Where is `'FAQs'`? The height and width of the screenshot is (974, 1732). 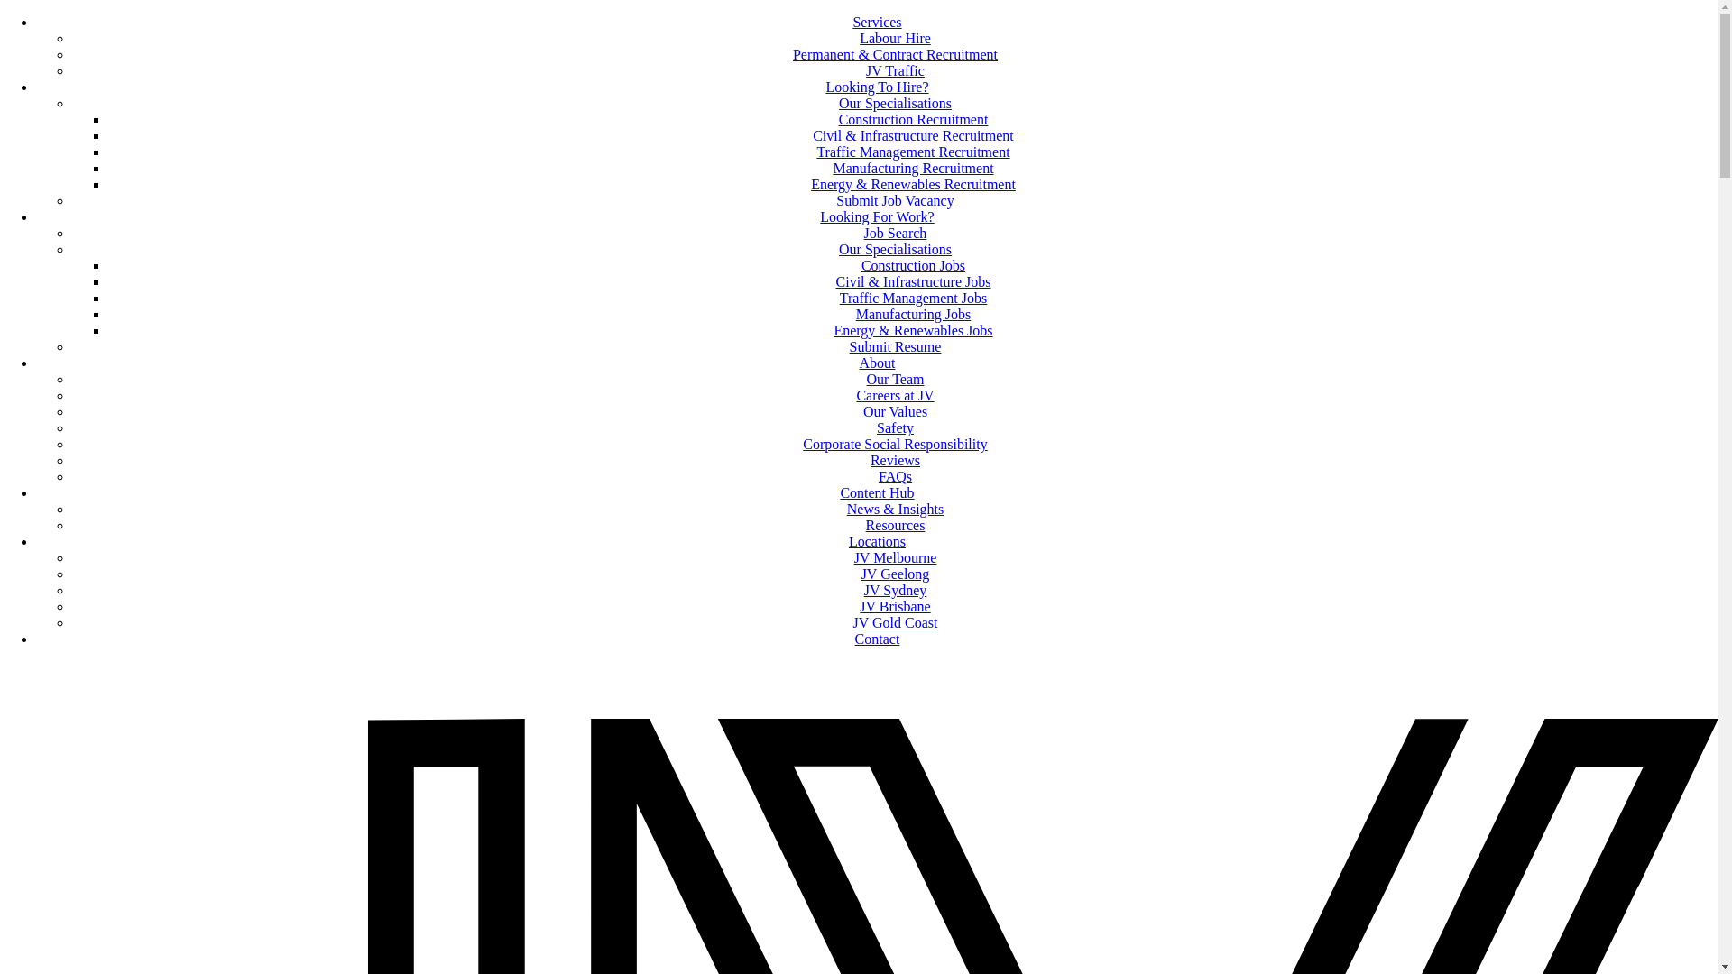 'FAQs' is located at coordinates (895, 475).